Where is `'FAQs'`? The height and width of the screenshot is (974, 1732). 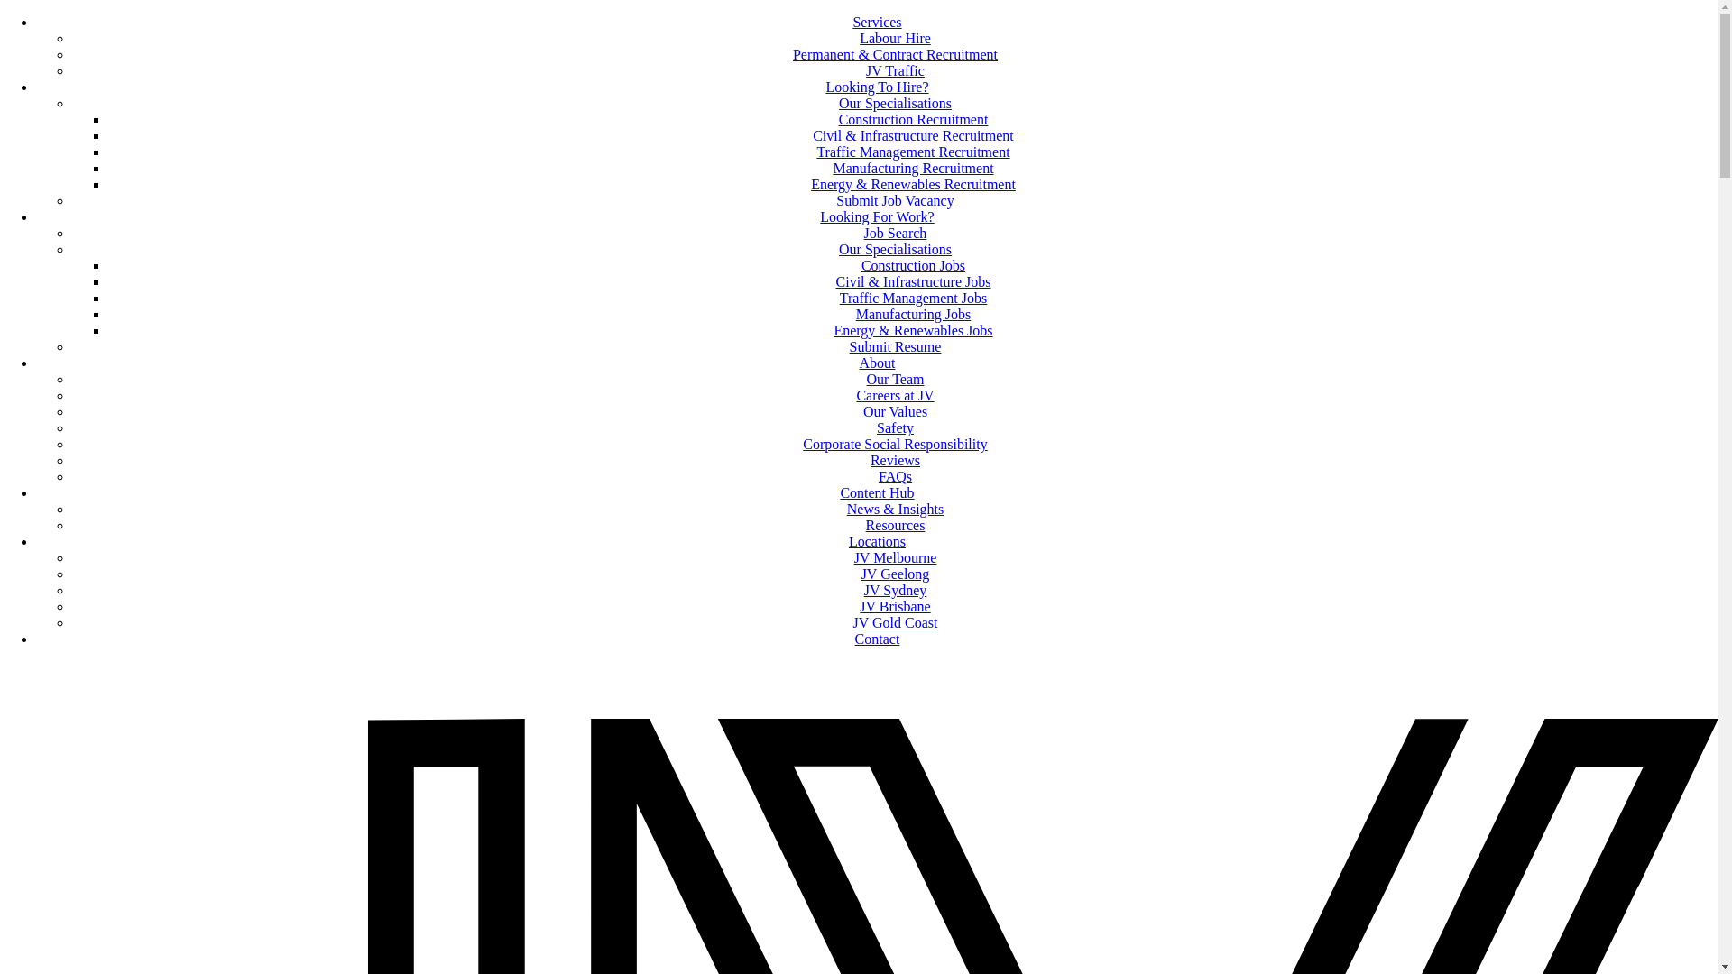 'FAQs' is located at coordinates (895, 475).